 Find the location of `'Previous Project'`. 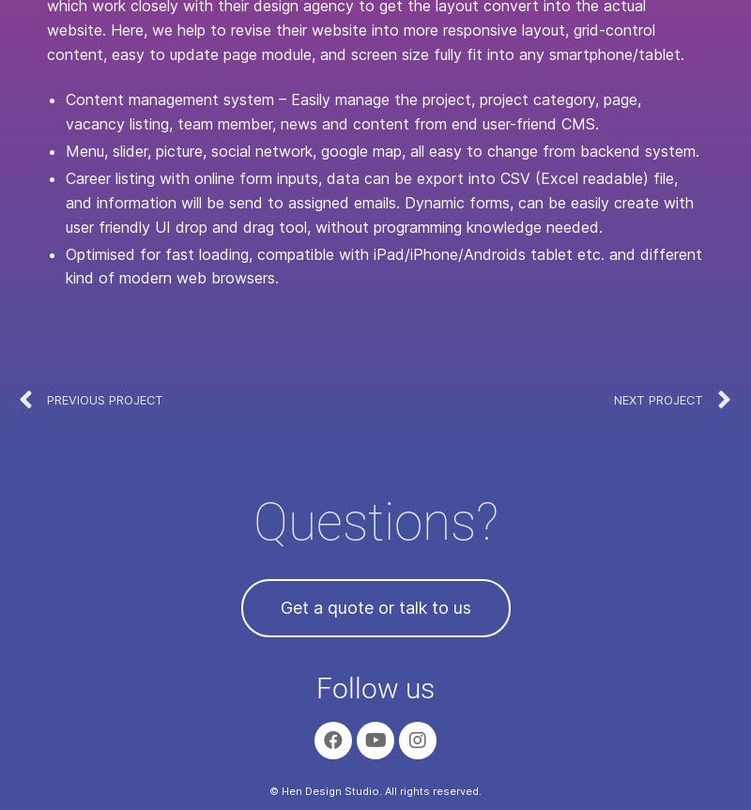

'Previous Project' is located at coordinates (104, 399).